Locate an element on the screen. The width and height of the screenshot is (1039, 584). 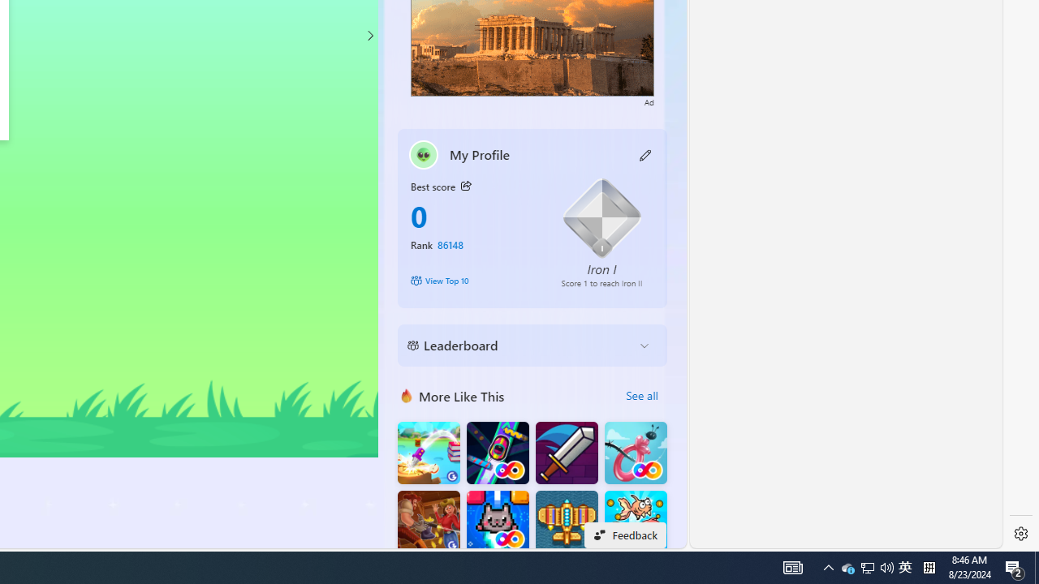
'Knife Flip' is located at coordinates (429, 453).